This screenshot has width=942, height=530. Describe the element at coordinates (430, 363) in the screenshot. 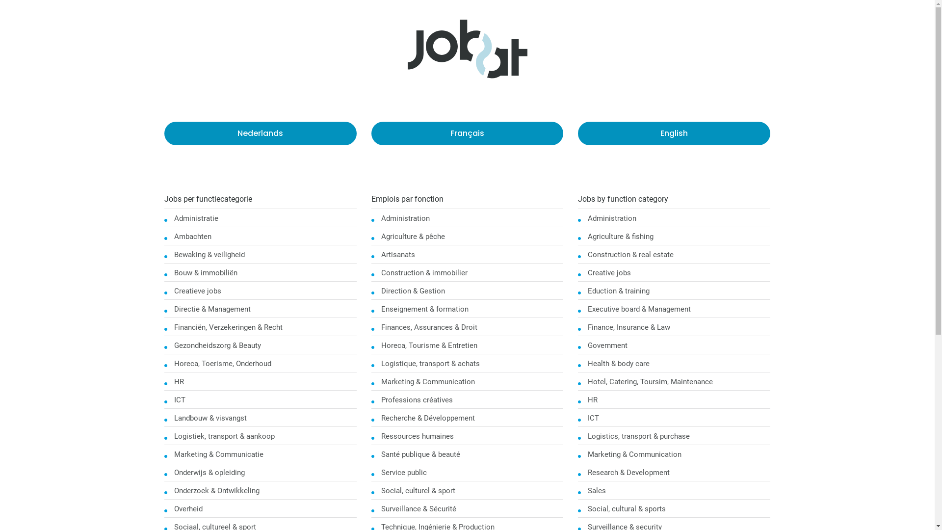

I see `'Logistique, transport & achats'` at that location.